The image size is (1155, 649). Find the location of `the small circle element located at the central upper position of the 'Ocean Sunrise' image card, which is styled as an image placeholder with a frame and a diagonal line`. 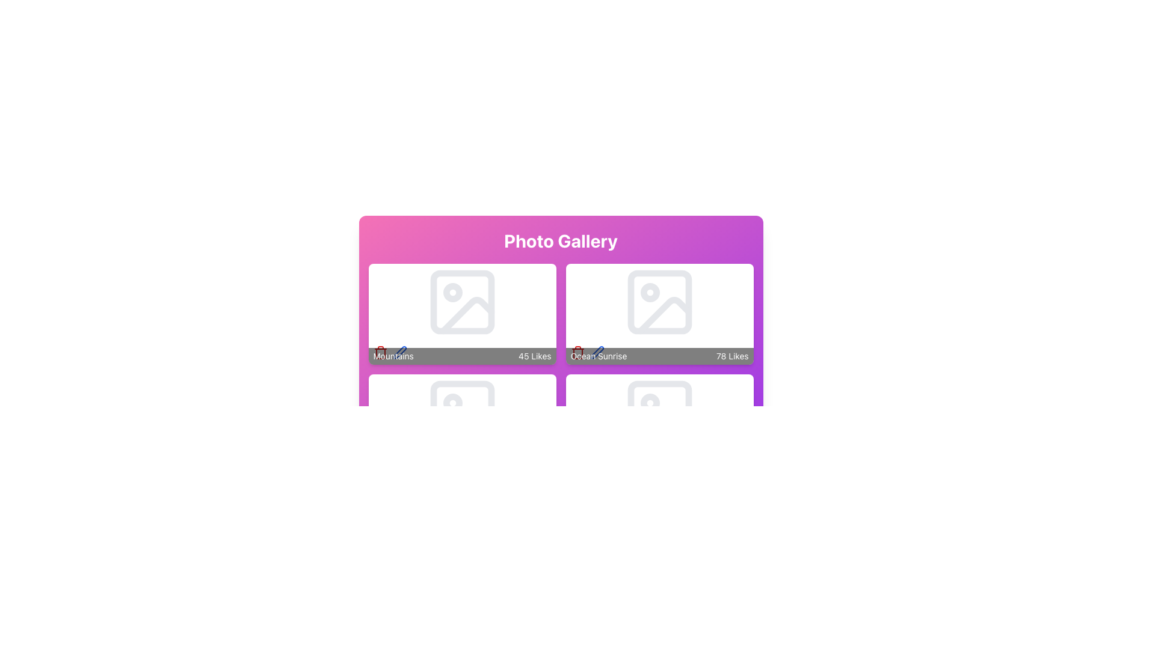

the small circle element located at the central upper position of the 'Ocean Sunrise' image card, which is styled as an image placeholder with a frame and a diagonal line is located at coordinates (649, 292).